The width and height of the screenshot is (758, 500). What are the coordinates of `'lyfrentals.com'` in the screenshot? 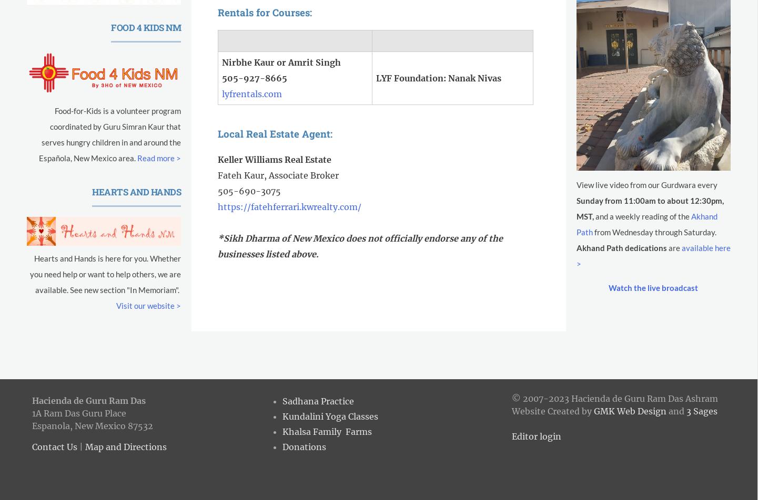 It's located at (251, 93).